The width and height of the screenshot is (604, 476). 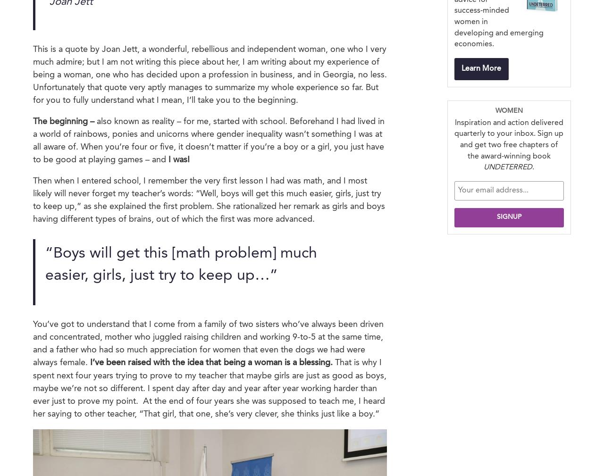 I want to click on '“Boys will get this [math problem] much easier, girls, just try to keep up…”', so click(x=181, y=264).